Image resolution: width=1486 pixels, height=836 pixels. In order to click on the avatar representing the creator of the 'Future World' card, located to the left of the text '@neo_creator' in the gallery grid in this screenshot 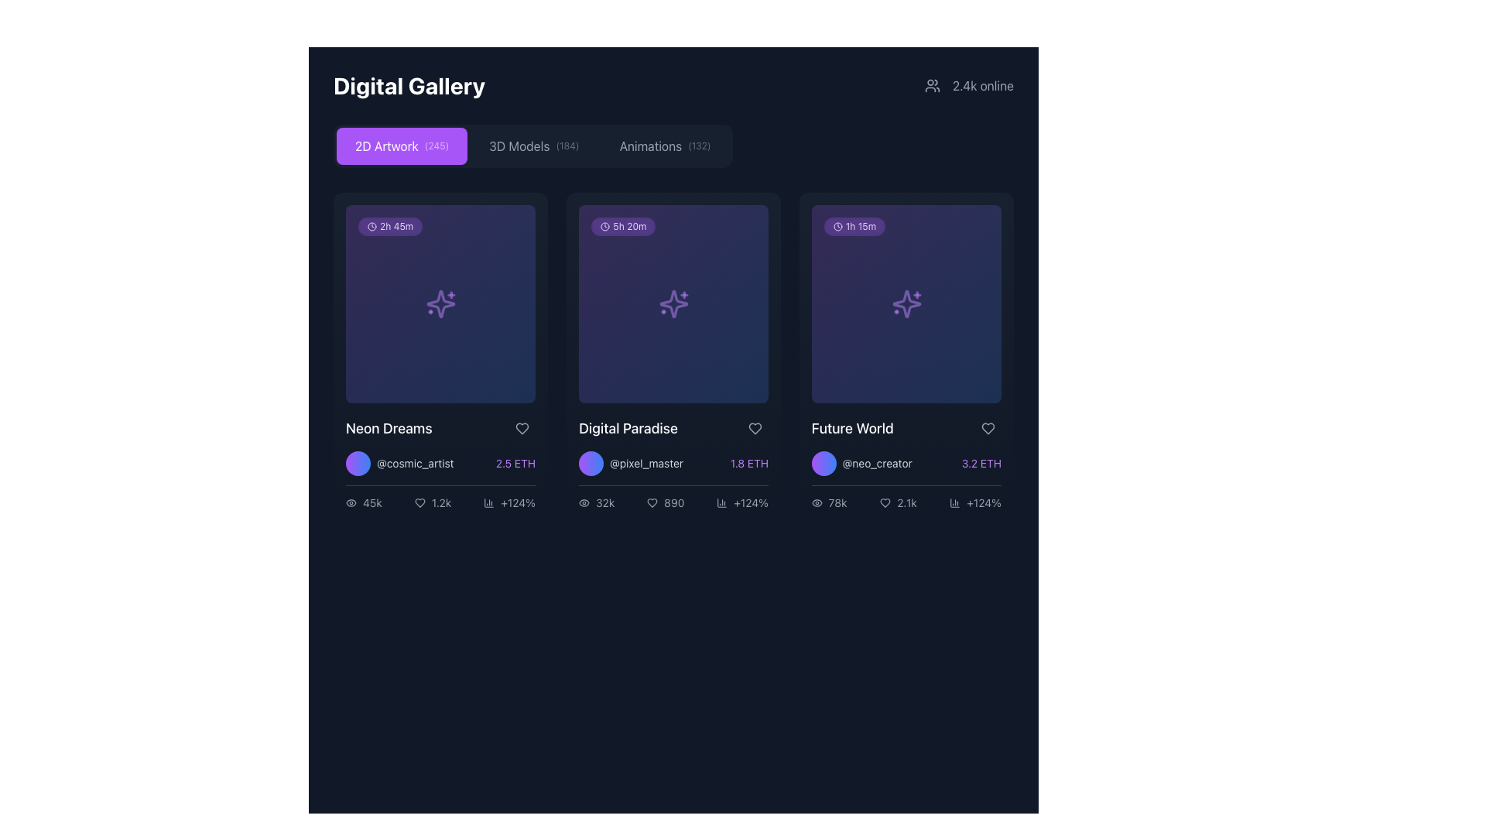, I will do `click(823, 462)`.